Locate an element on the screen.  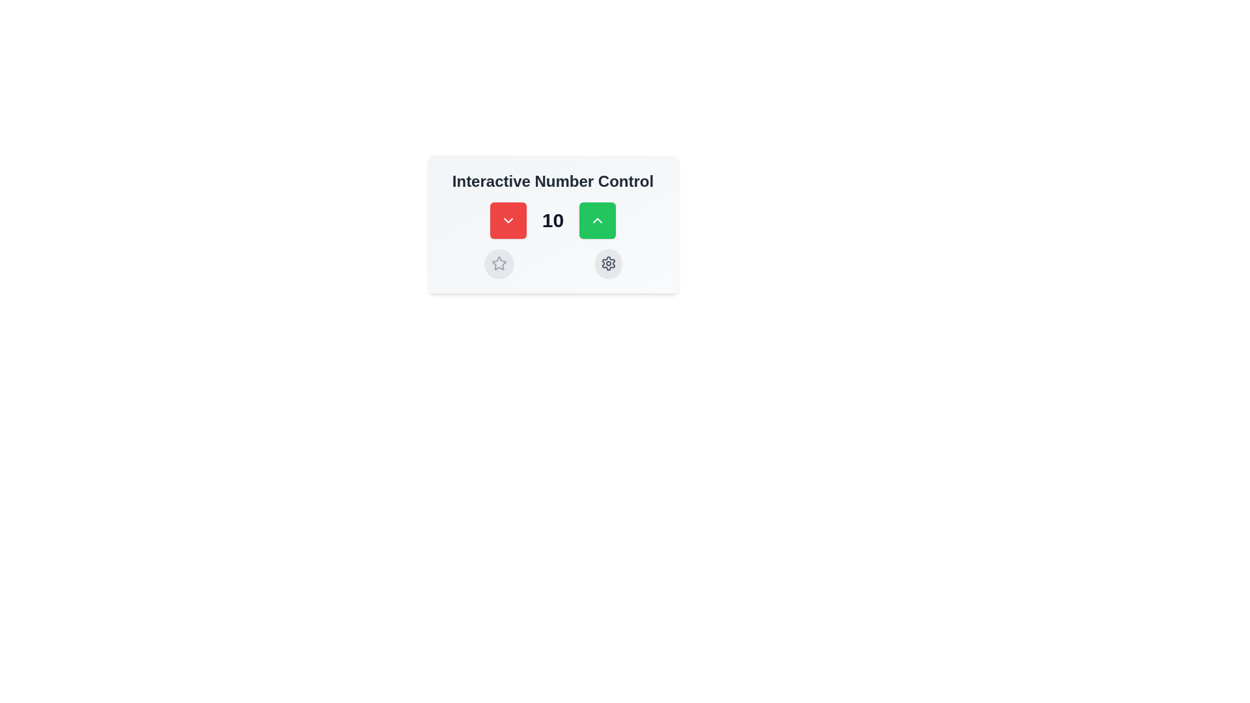
the gray star outline graphical icon located below the number control buttons, positioned to the left of the gear-shaped icon is located at coordinates (498, 263).